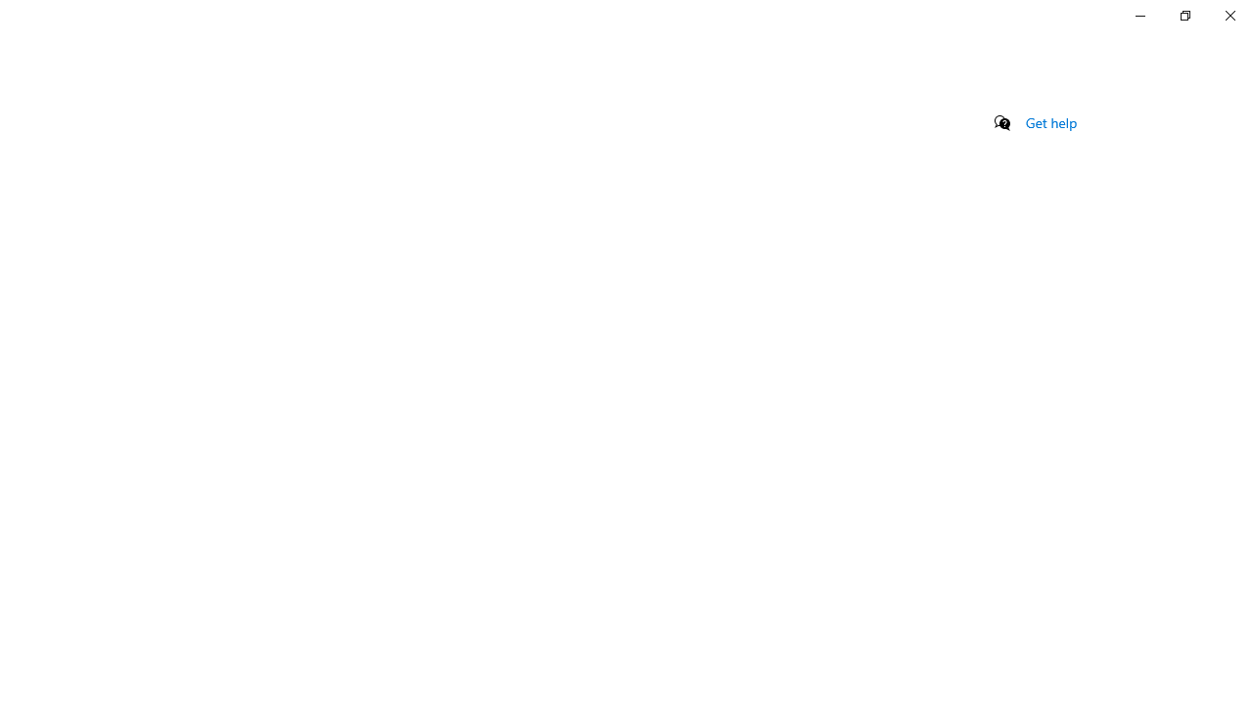  Describe the element at coordinates (1139, 15) in the screenshot. I see `'Minimize Settings'` at that location.